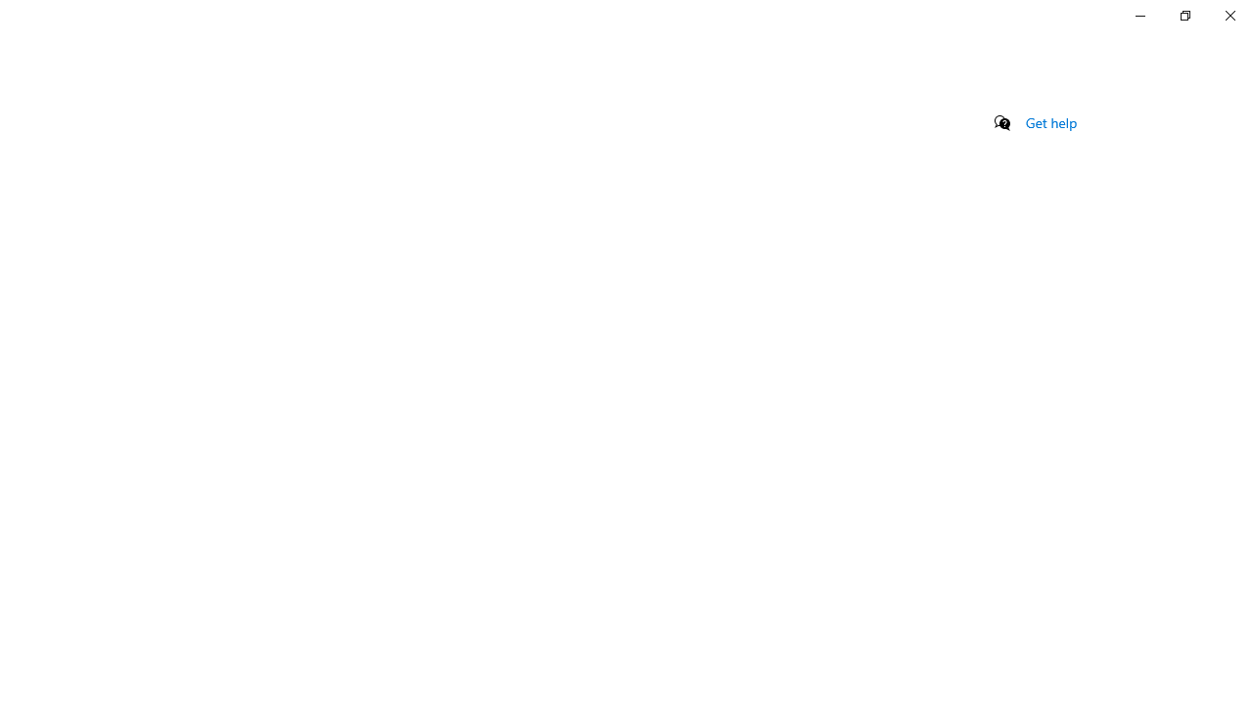  Describe the element at coordinates (1139, 15) in the screenshot. I see `'Minimize Settings'` at that location.